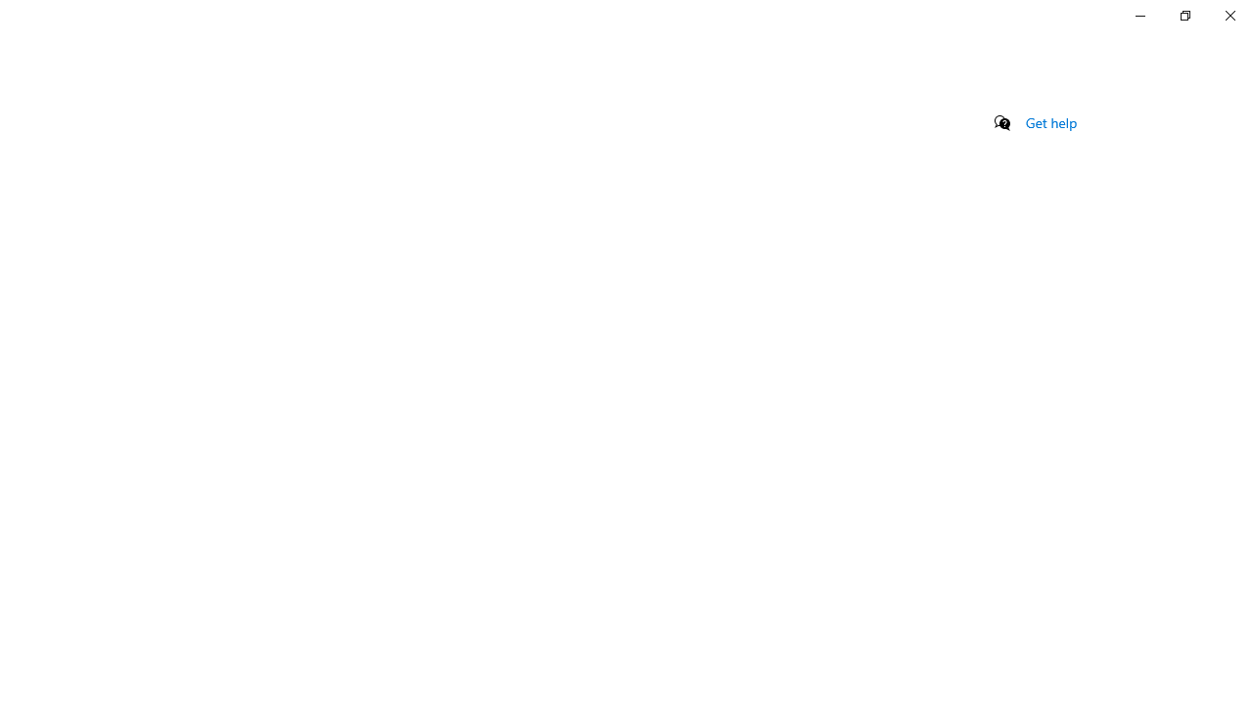  Describe the element at coordinates (1139, 15) in the screenshot. I see `'Minimize Settings'` at that location.